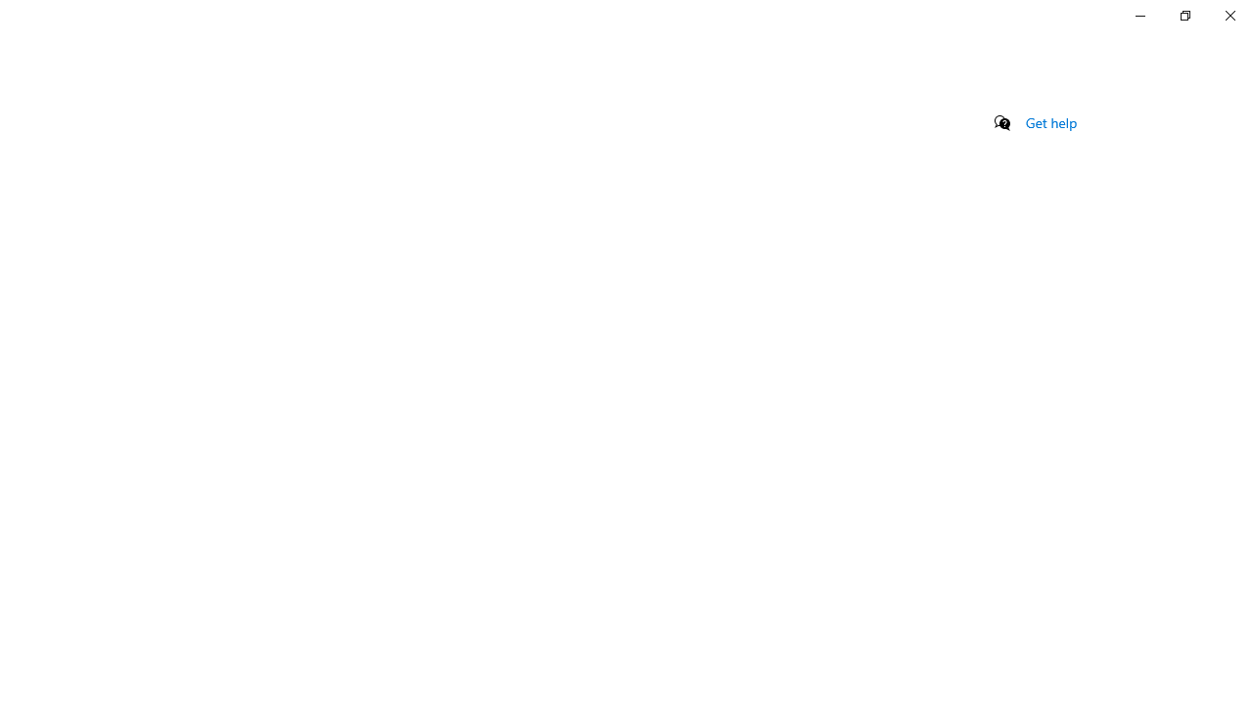  Describe the element at coordinates (1139, 15) in the screenshot. I see `'Minimize Settings'` at that location.